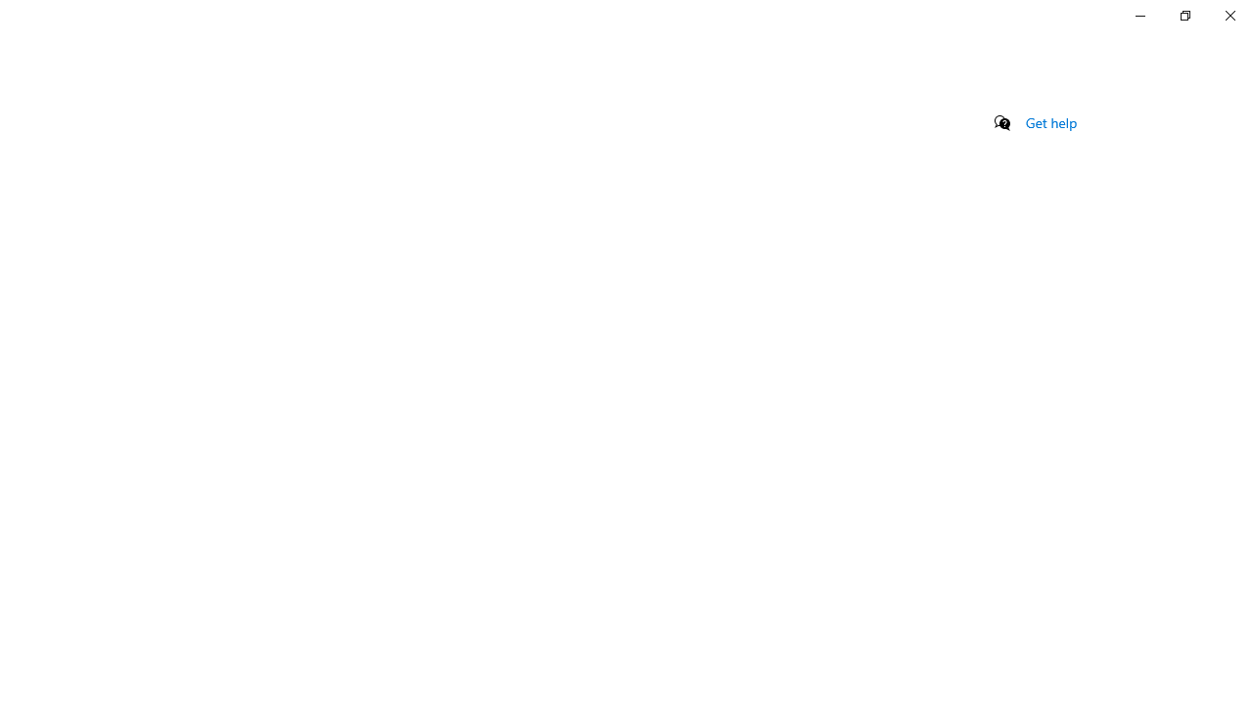  Describe the element at coordinates (1139, 15) in the screenshot. I see `'Minimize Settings'` at that location.